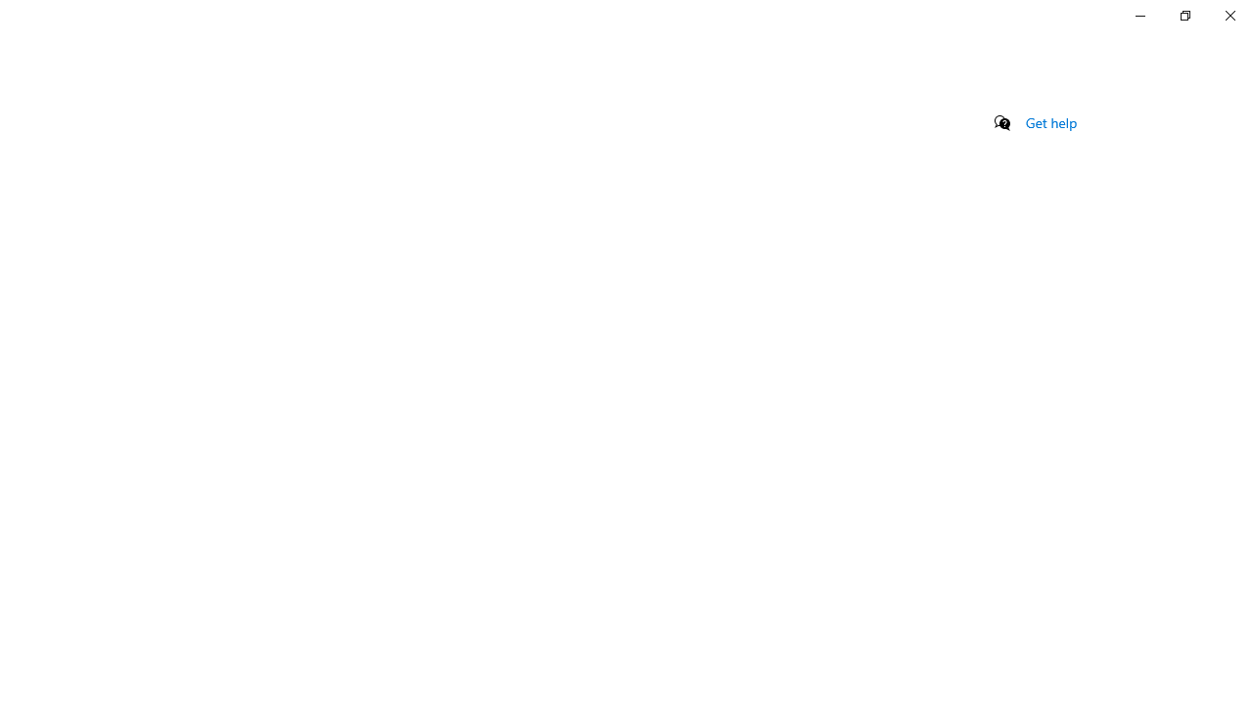  Describe the element at coordinates (1139, 15) in the screenshot. I see `'Minimize Settings'` at that location.